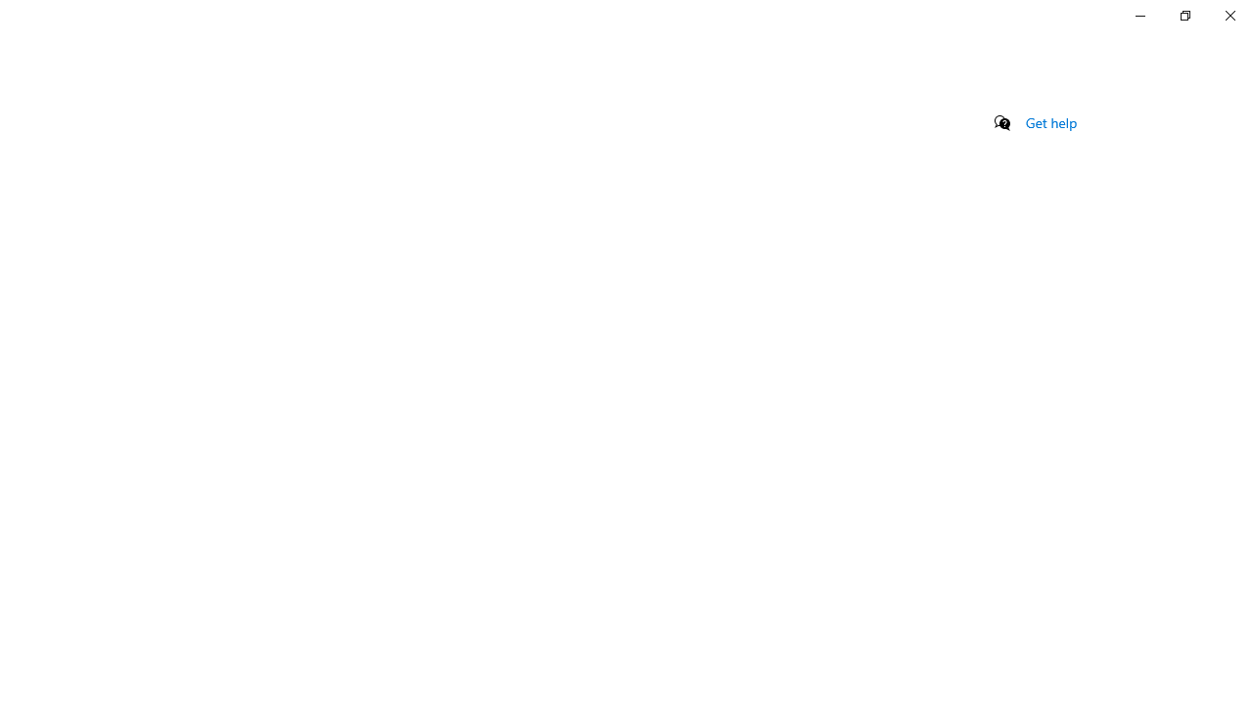  Describe the element at coordinates (1139, 15) in the screenshot. I see `'Minimize Settings'` at that location.